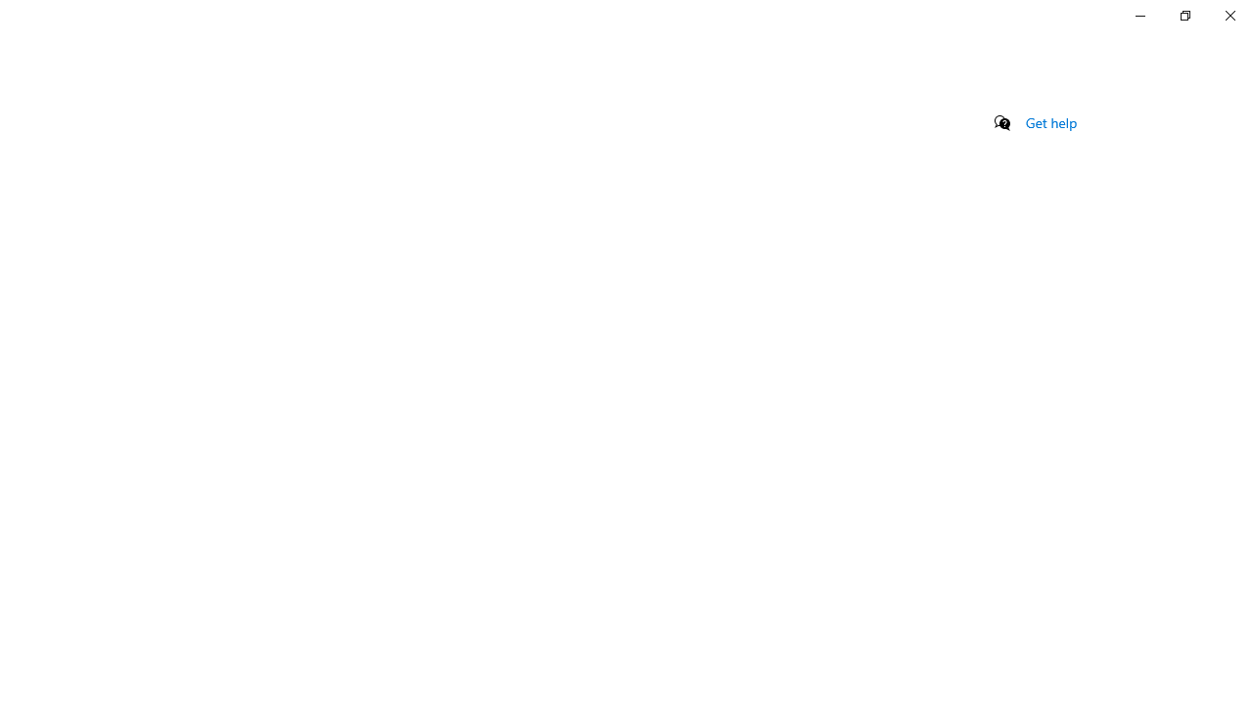  Describe the element at coordinates (1139, 15) in the screenshot. I see `'Minimize Settings'` at that location.